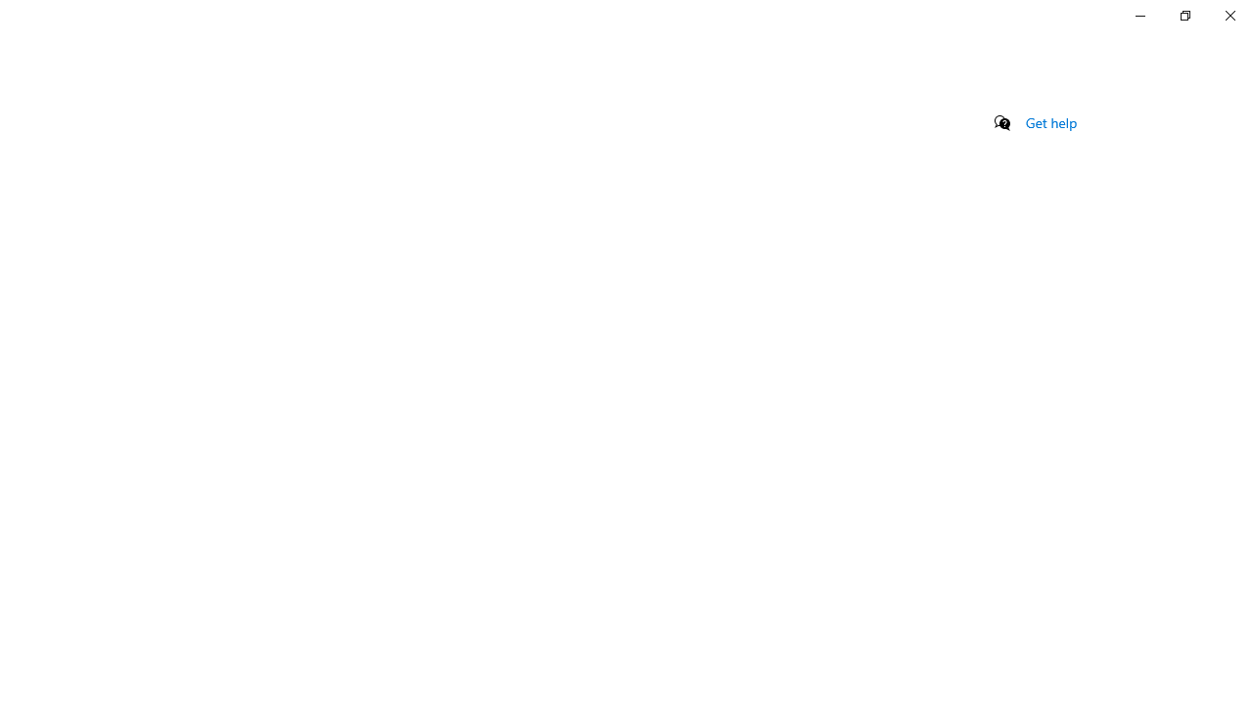  Describe the element at coordinates (1139, 15) in the screenshot. I see `'Minimize Settings'` at that location.